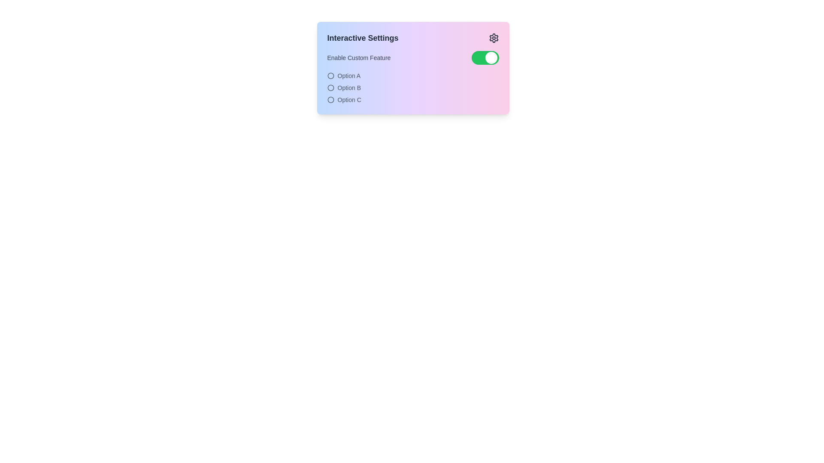 The image size is (824, 463). I want to click on the label displaying 'Option C', which is the third item in the vertical list of radio button options within the 'Interactive Settings' panel, so click(349, 99).